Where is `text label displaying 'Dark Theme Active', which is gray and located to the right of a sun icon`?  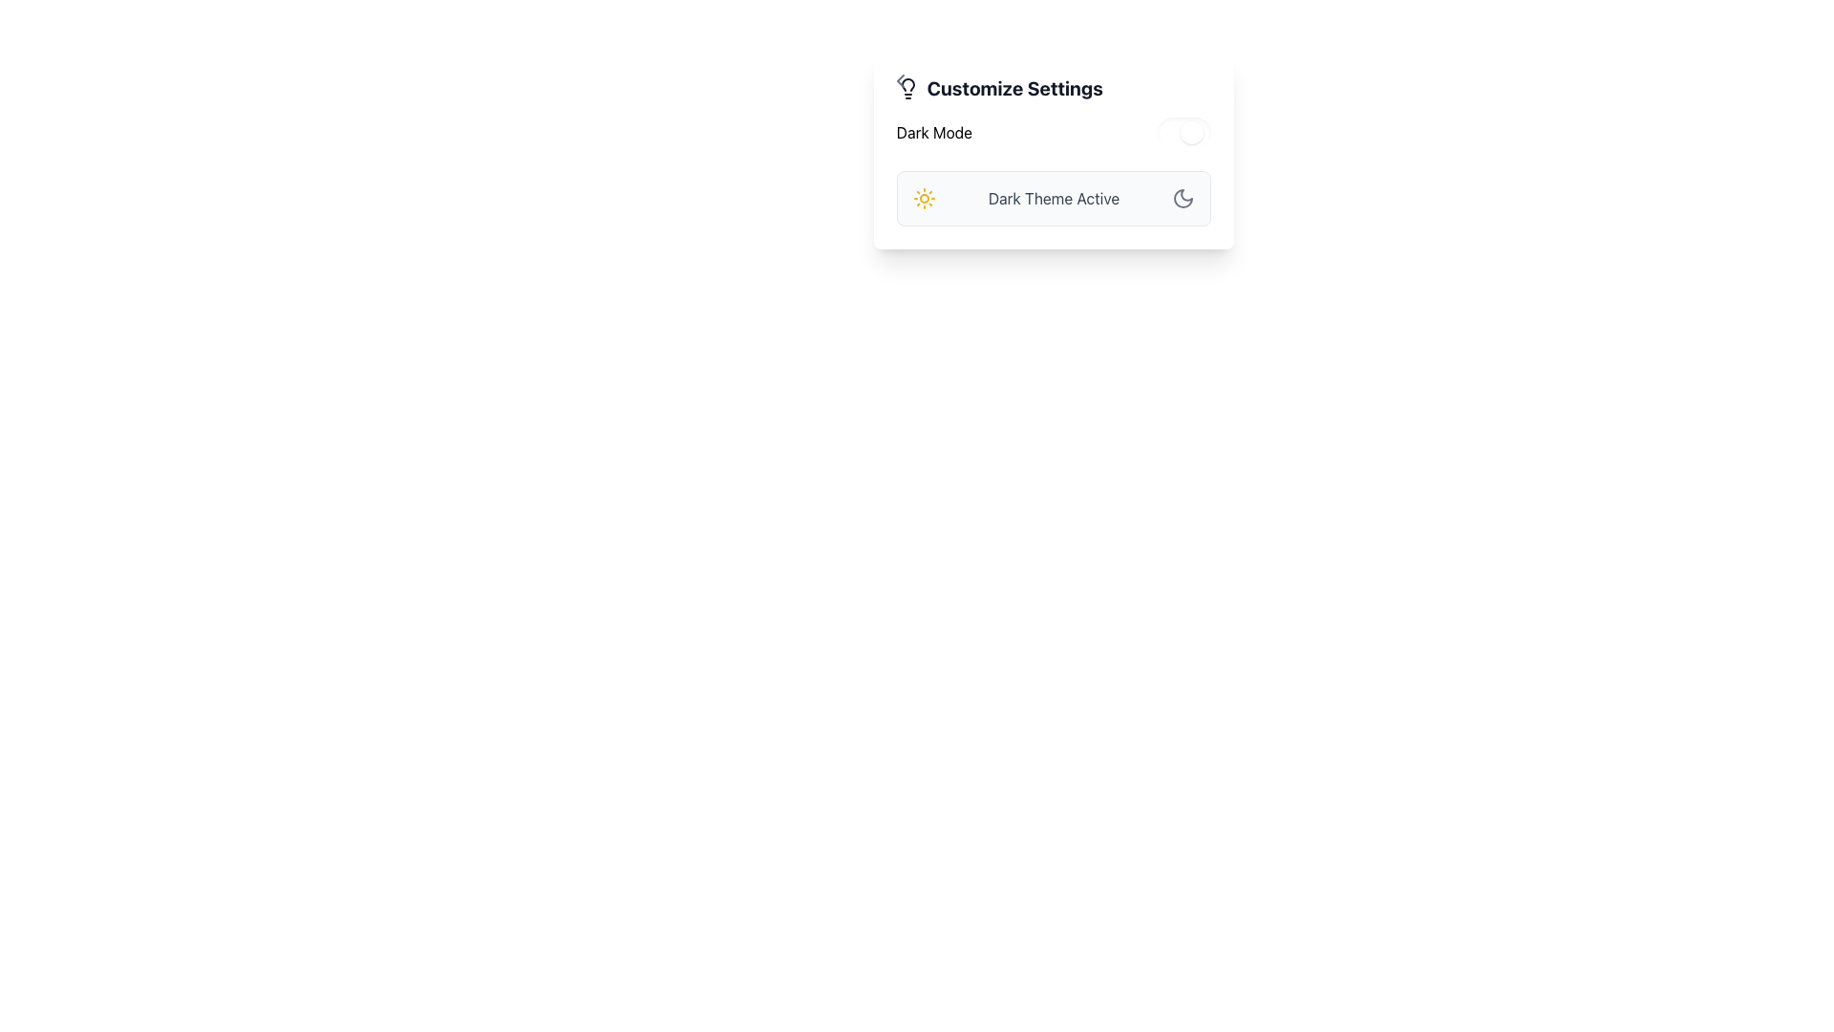
text label displaying 'Dark Theme Active', which is gray and located to the right of a sun icon is located at coordinates (1053, 199).